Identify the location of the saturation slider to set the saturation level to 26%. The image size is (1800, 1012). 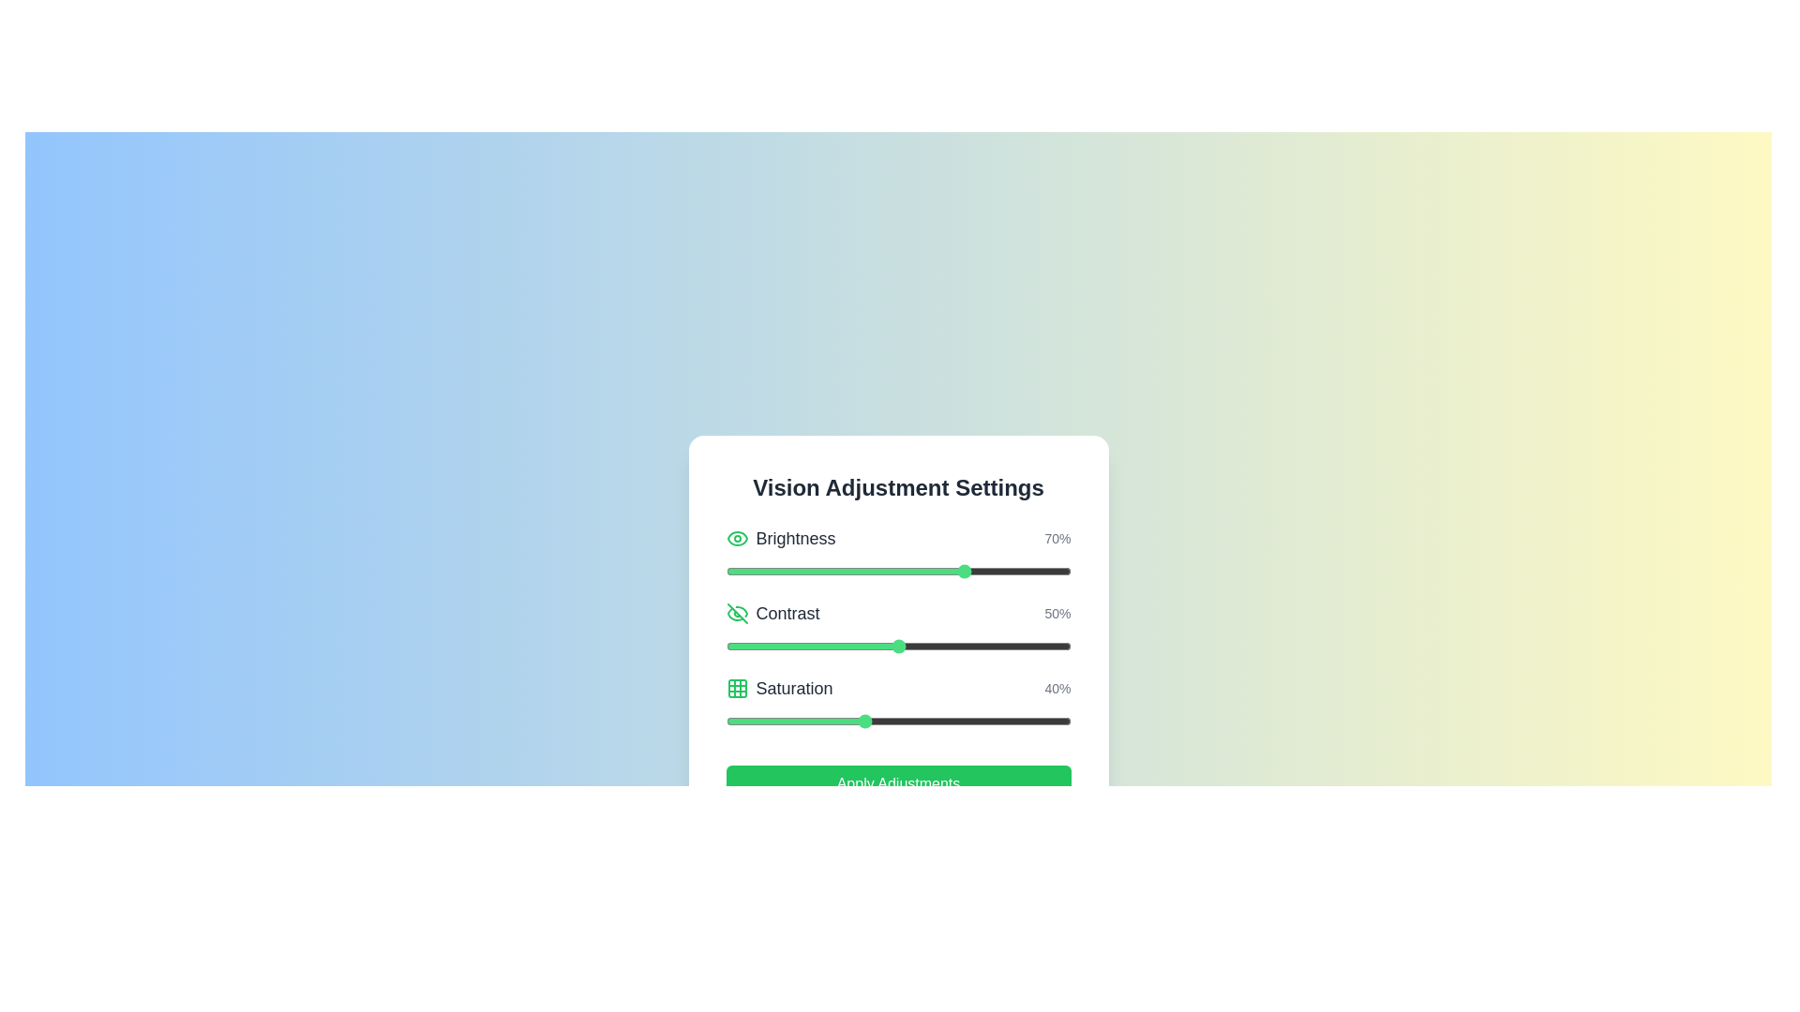
(816, 721).